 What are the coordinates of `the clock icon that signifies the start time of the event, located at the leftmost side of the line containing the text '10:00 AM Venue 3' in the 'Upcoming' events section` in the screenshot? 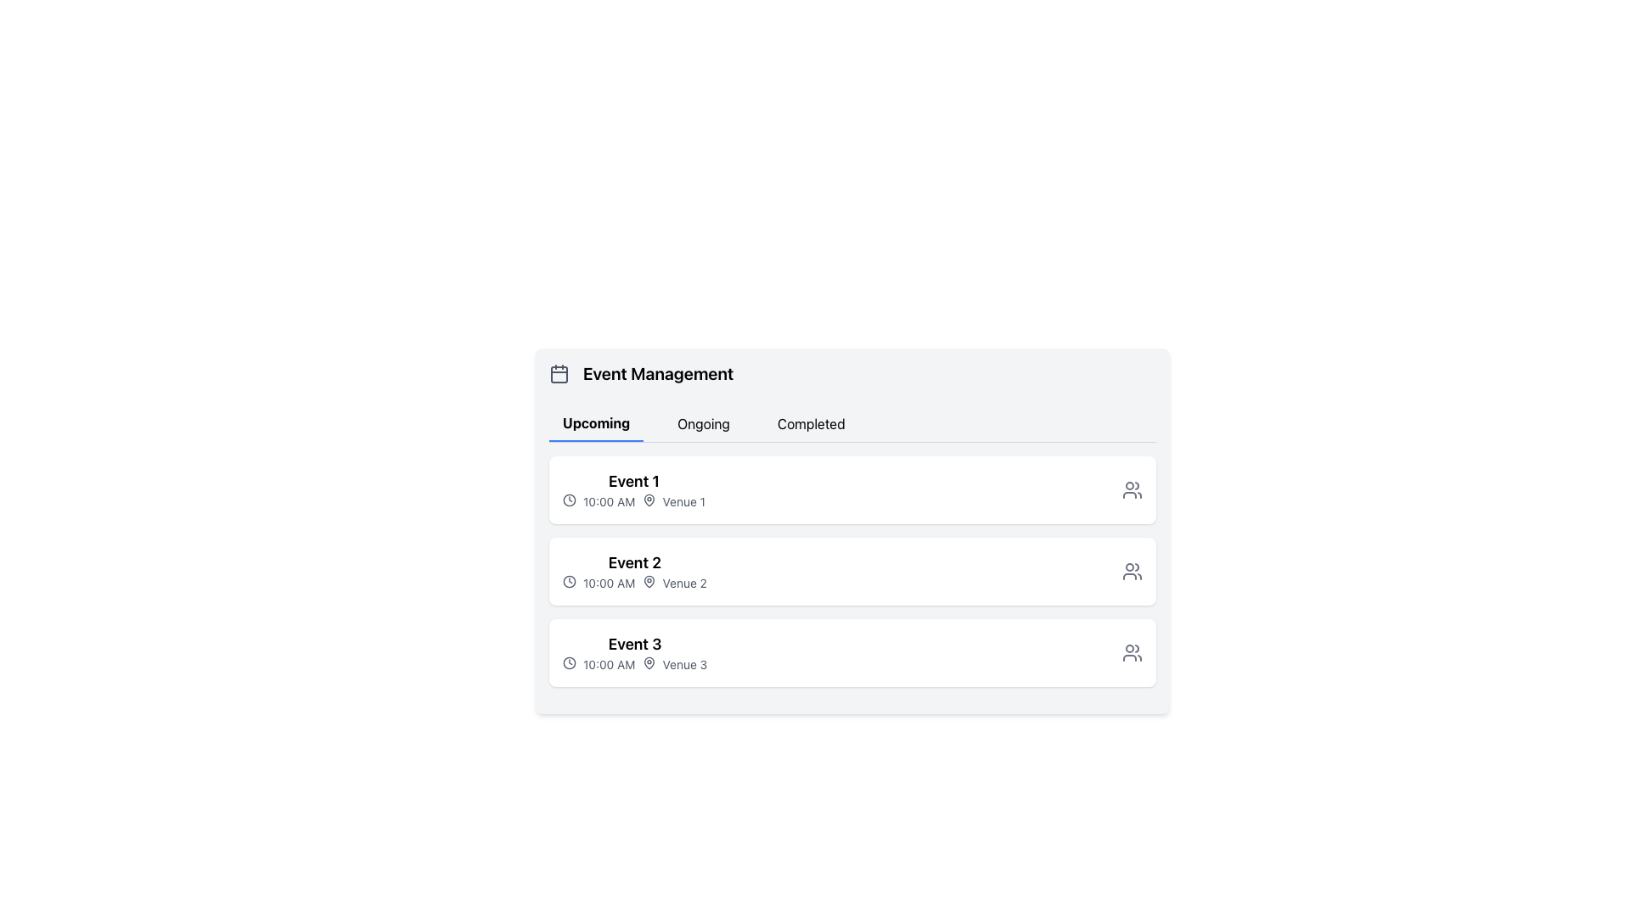 It's located at (570, 662).